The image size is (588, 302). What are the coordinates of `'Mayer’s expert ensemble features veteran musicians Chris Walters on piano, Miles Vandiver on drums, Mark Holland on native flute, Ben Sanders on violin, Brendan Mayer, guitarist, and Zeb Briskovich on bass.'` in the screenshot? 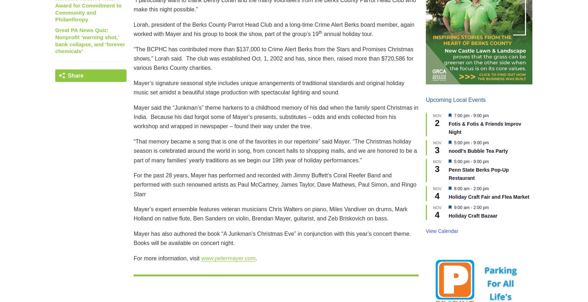 It's located at (134, 214).